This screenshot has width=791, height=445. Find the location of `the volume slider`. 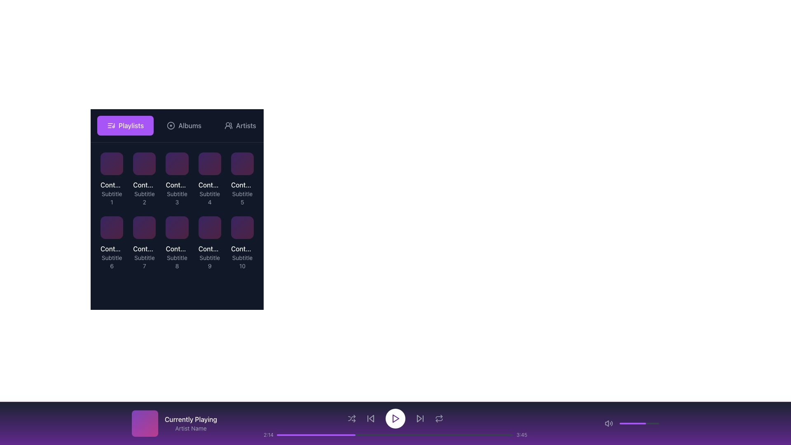

the volume slider is located at coordinates (631, 424).